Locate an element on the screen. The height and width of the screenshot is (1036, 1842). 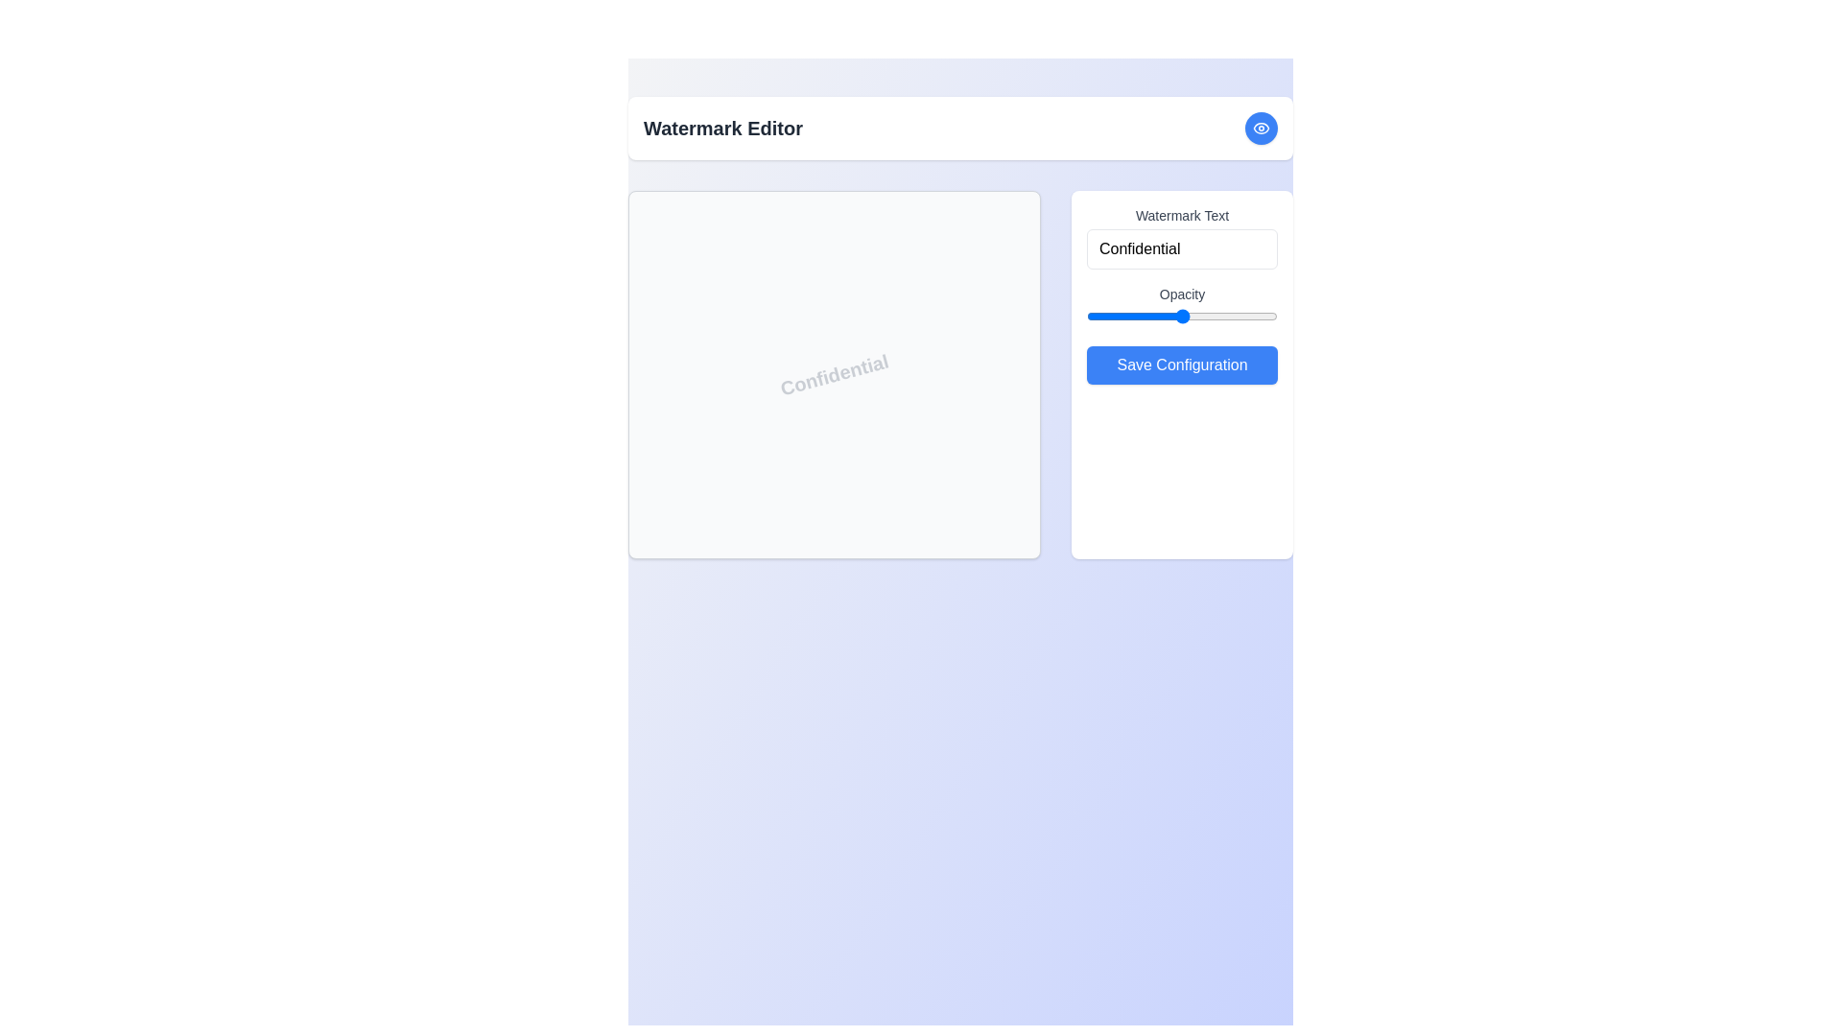
the visibility toggle icon located within the blue circular button in the top-right corner of the interface is located at coordinates (1262, 129).